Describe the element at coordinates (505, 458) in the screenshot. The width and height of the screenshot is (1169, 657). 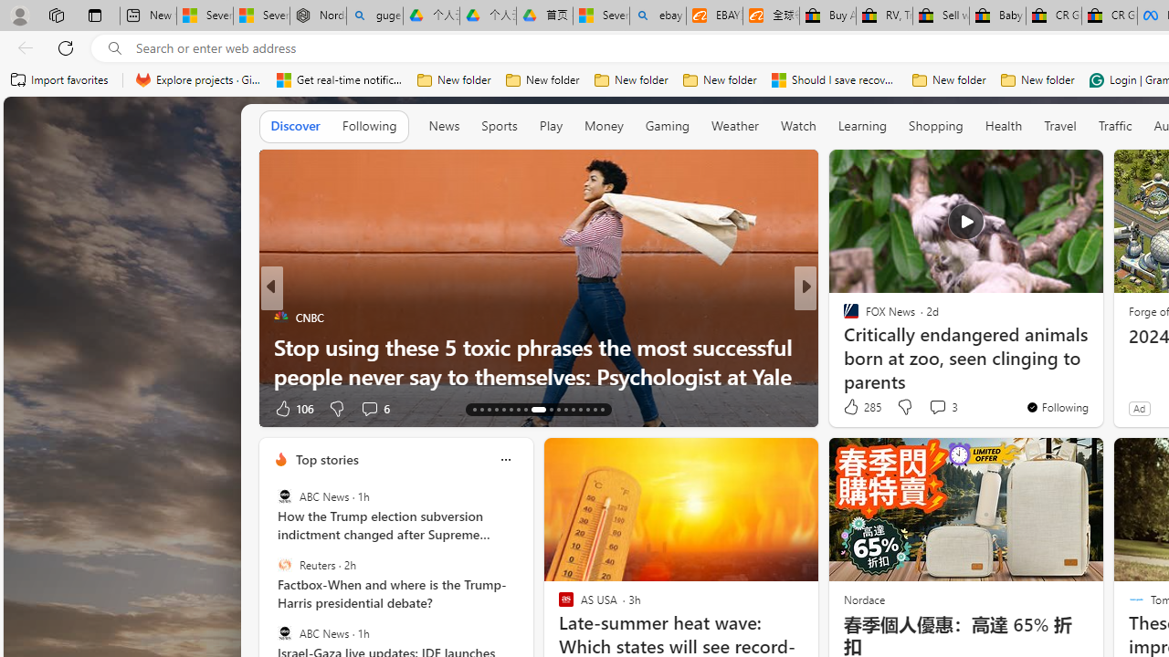
I see `'Class: icon-img'` at that location.